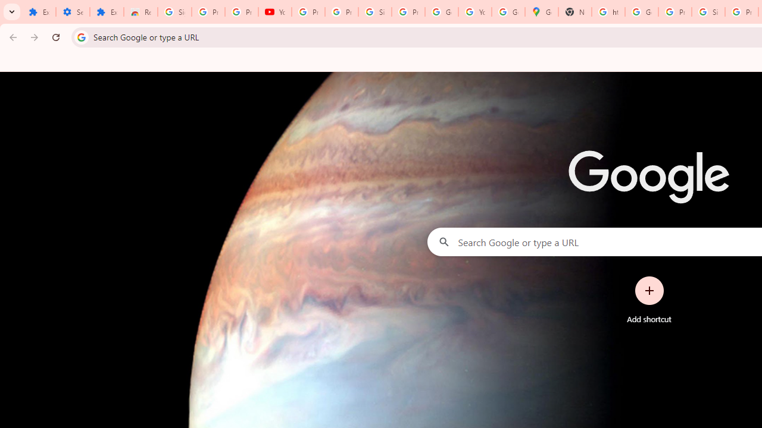 The height and width of the screenshot is (428, 762). Describe the element at coordinates (274, 12) in the screenshot. I see `'YouTube'` at that location.